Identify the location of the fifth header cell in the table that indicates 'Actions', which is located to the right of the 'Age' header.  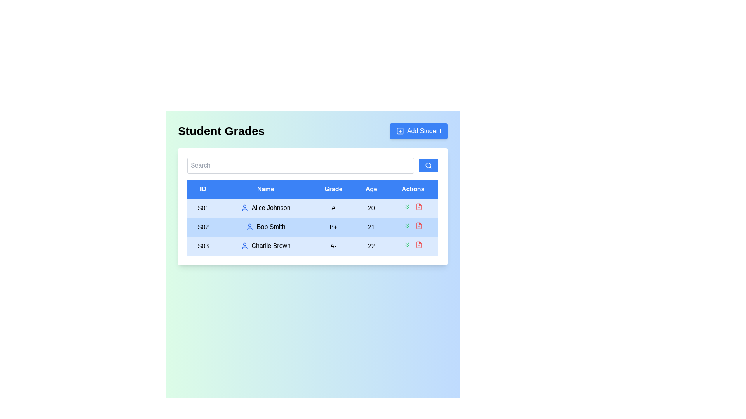
(413, 189).